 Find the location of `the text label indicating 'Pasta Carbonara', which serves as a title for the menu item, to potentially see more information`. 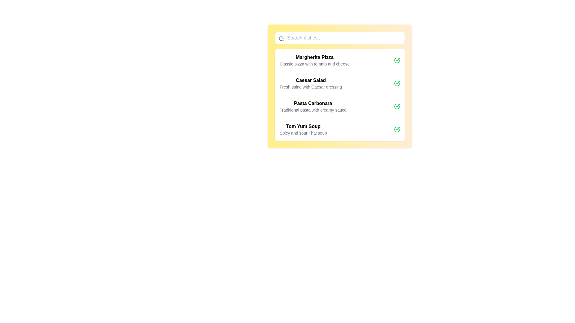

the text label indicating 'Pasta Carbonara', which serves as a title for the menu item, to potentially see more information is located at coordinates (313, 103).